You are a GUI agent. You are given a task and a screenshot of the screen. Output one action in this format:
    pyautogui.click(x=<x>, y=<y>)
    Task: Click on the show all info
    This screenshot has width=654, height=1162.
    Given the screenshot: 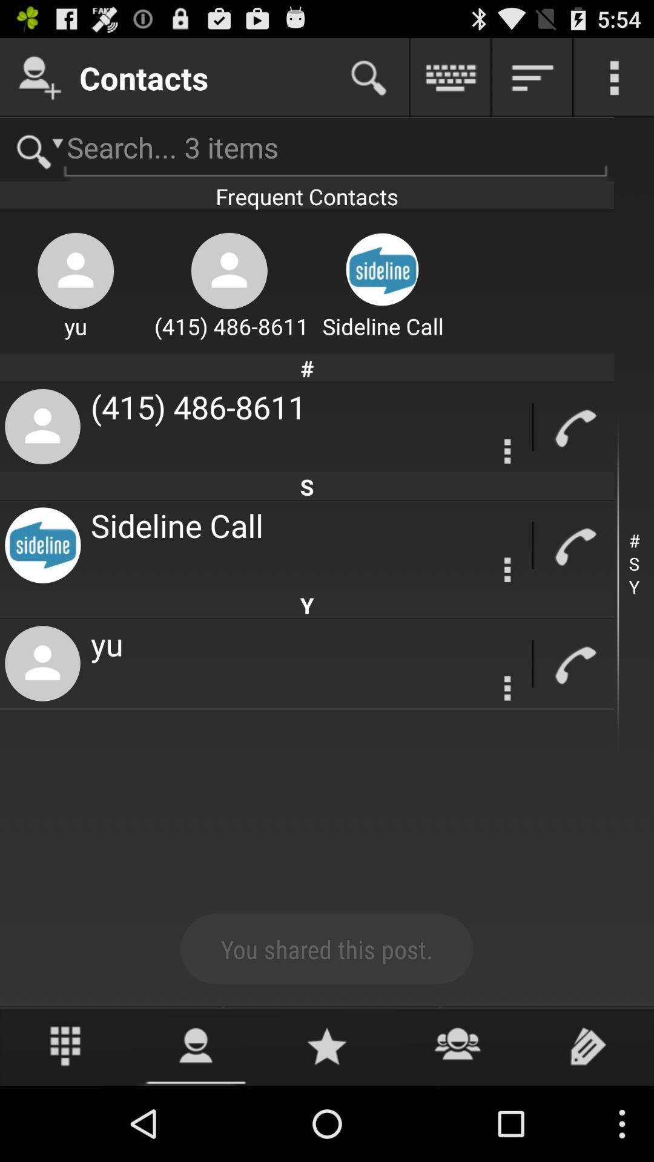 What is the action you would take?
    pyautogui.click(x=532, y=77)
    